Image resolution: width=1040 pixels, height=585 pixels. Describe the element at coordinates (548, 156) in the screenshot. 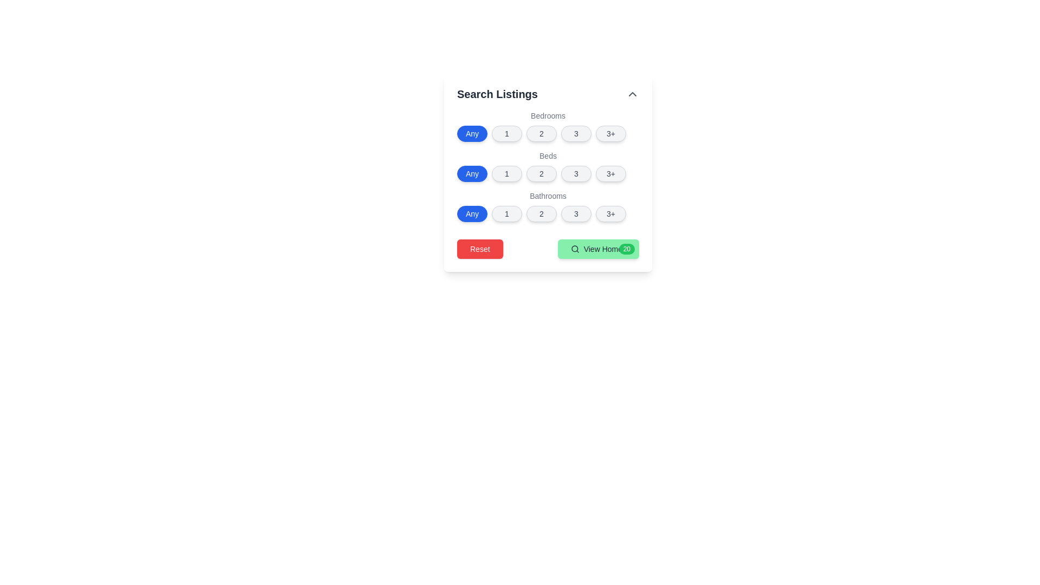

I see `the 'Beds' text label, which is a small light gray font descriptor positioned centrally between the bed selection buttons and the first row of options` at that location.